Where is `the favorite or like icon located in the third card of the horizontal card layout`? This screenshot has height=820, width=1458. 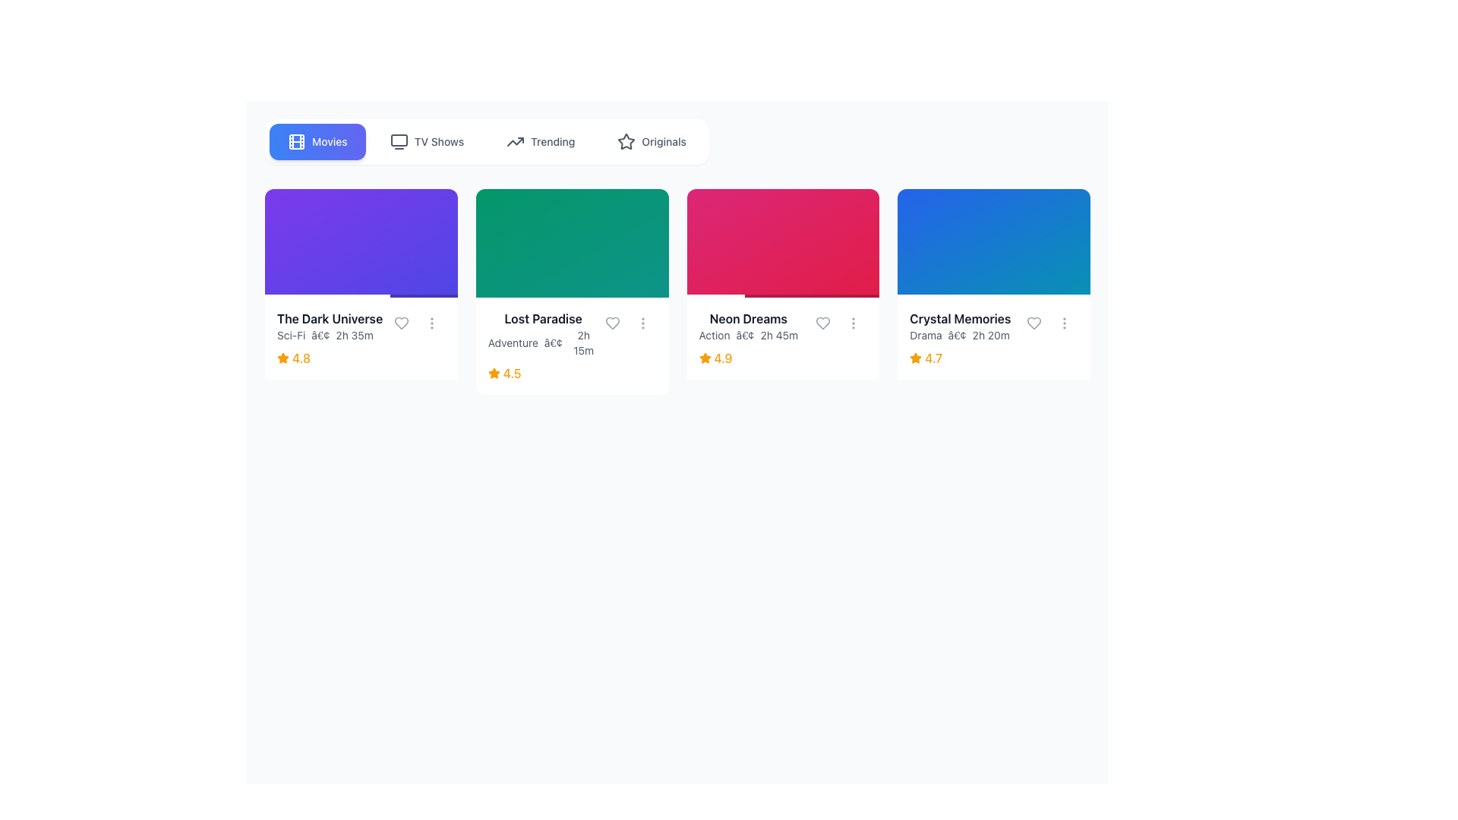 the favorite or like icon located in the third card of the horizontal card layout is located at coordinates (1034, 321).